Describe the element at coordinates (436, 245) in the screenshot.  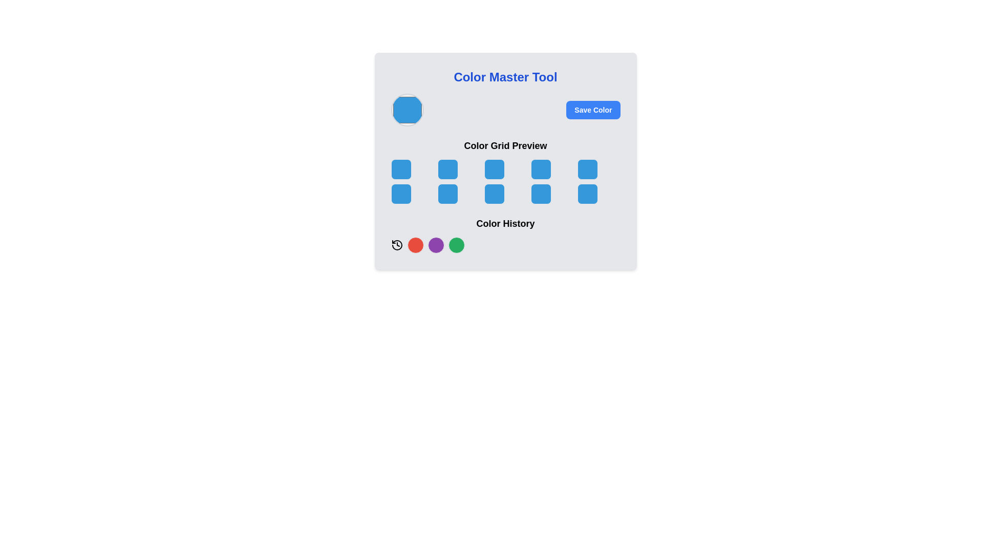
I see `the circular colored indicator representing the color purple, located` at that location.